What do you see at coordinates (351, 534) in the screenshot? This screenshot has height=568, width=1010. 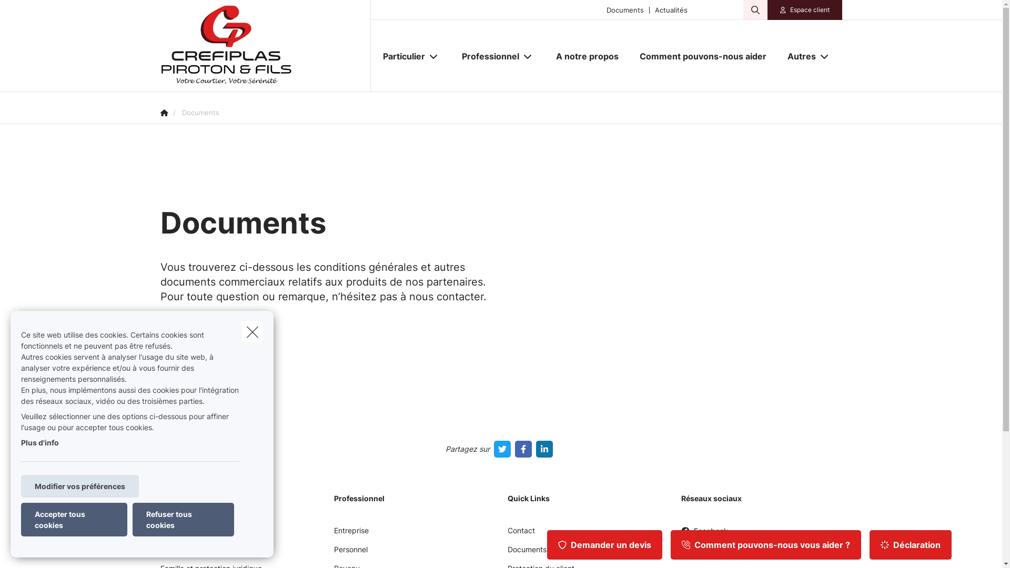 I see `'Entreprise'` at bounding box center [351, 534].